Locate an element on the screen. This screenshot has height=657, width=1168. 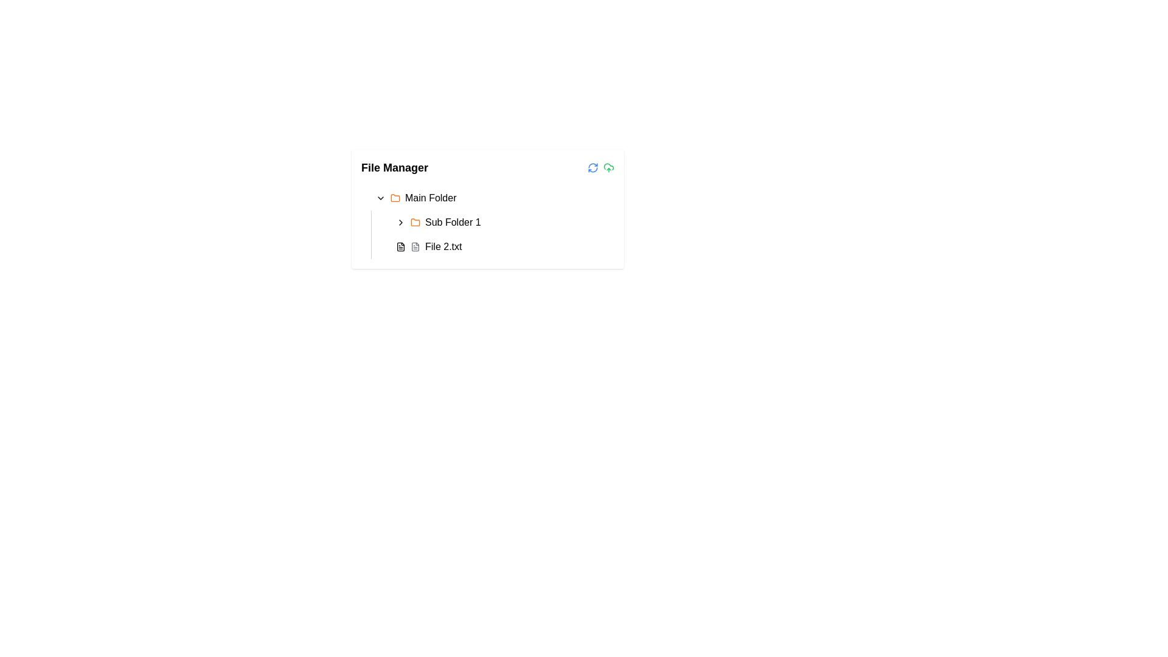
the folder icon, which is orange and resembles a folder with a tab, located in the 'Sub Folder 1' section of the 'File Manager' interface is located at coordinates (415, 222).